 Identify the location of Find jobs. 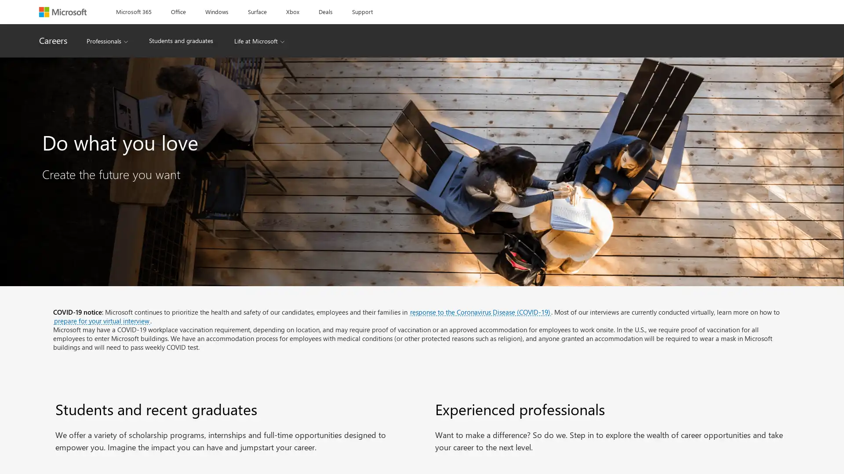
(262, 230).